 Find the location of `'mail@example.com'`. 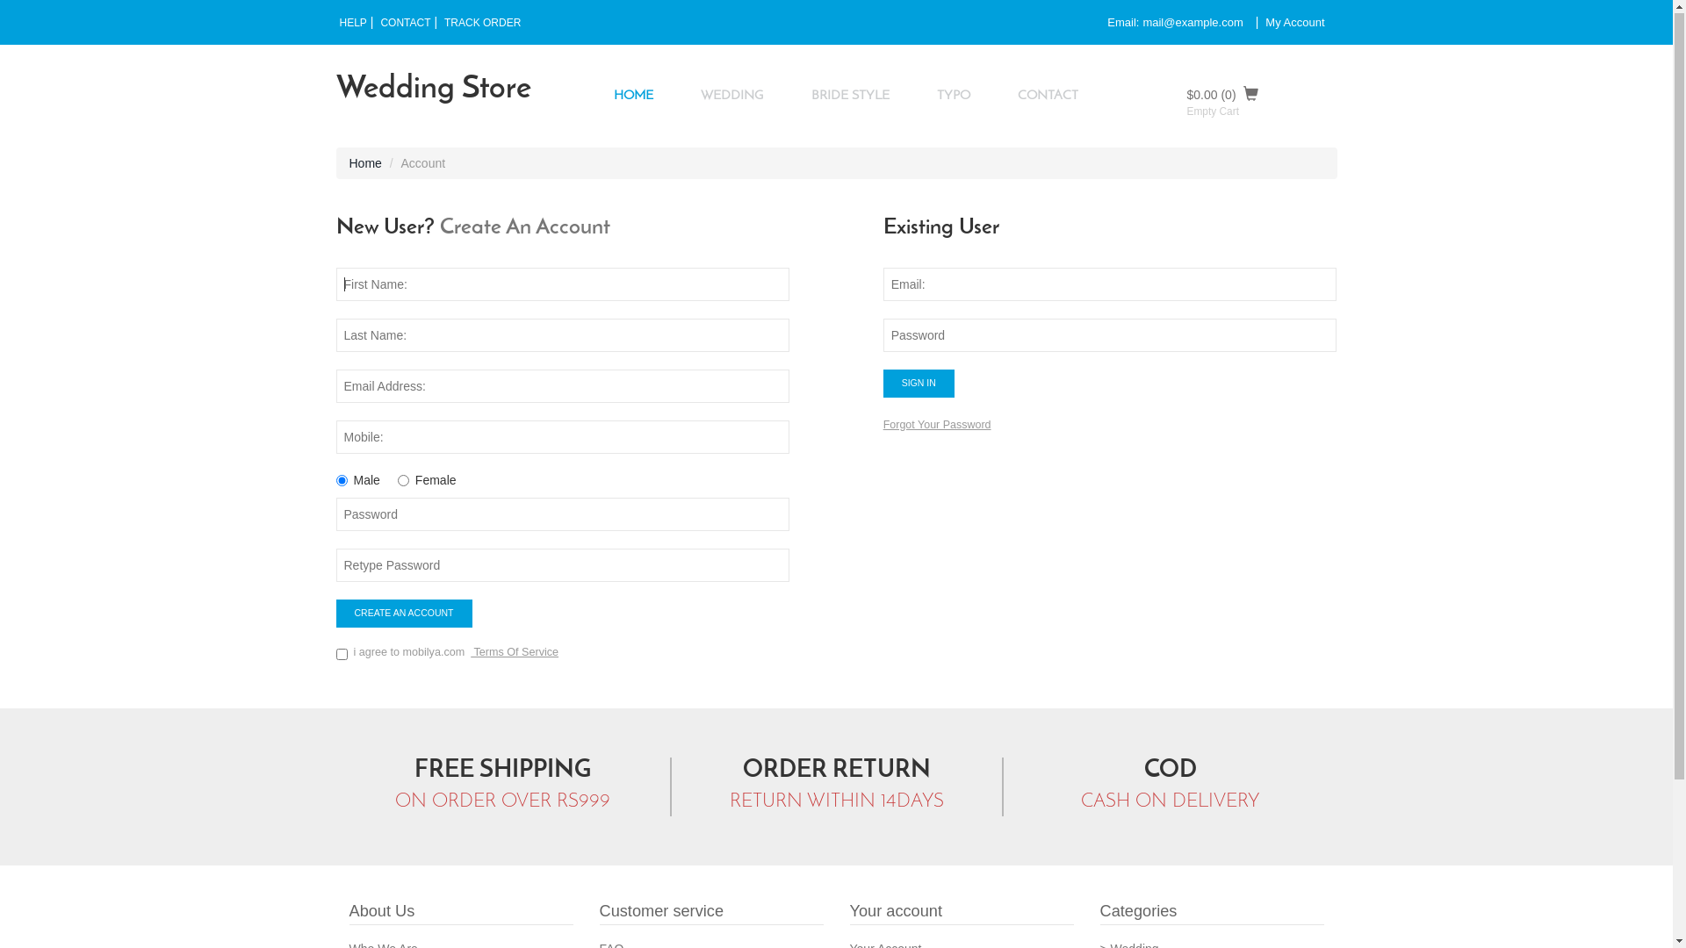

'mail@example.com' is located at coordinates (1192, 23).